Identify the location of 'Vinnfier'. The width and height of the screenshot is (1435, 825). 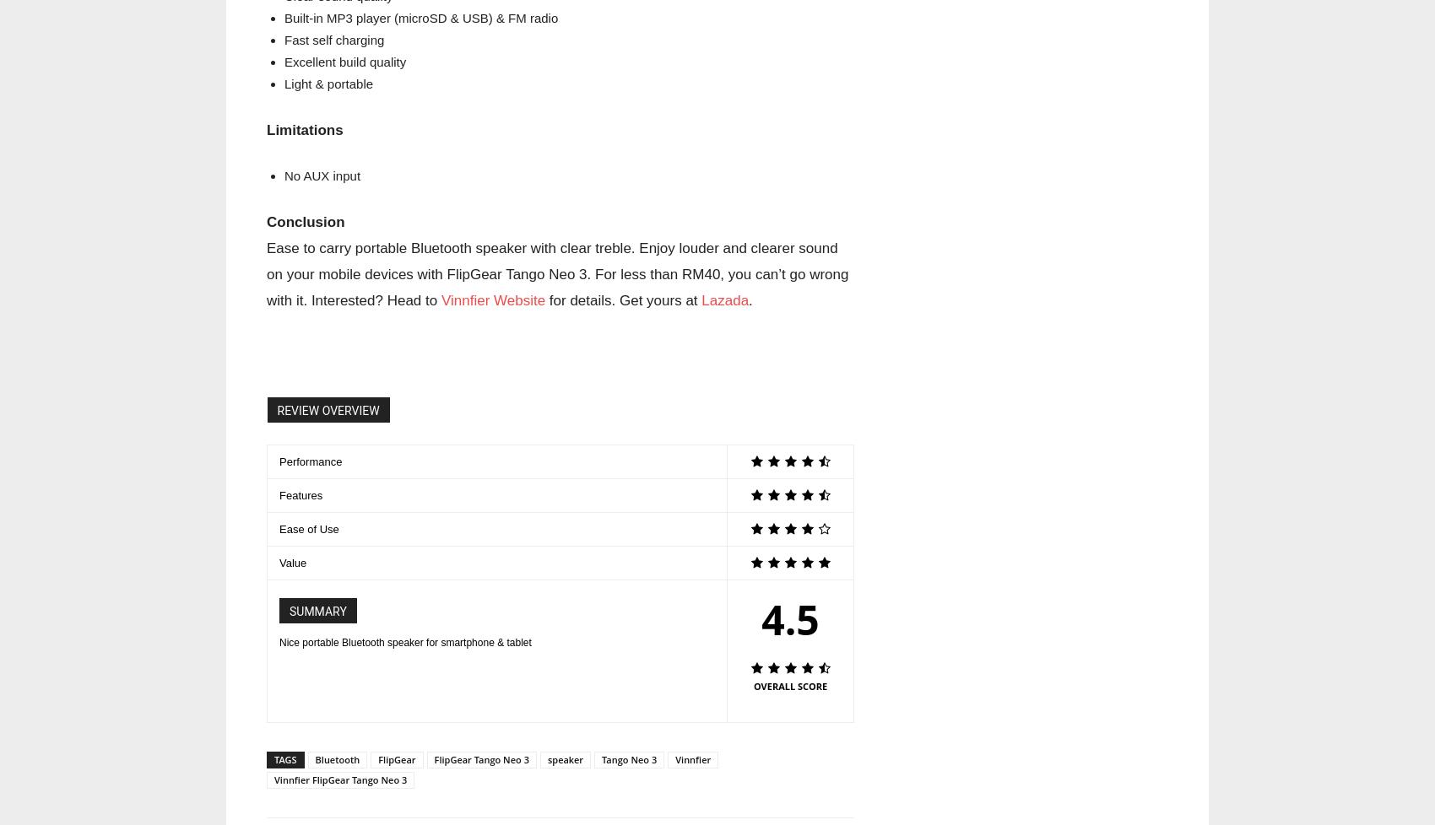
(691, 758).